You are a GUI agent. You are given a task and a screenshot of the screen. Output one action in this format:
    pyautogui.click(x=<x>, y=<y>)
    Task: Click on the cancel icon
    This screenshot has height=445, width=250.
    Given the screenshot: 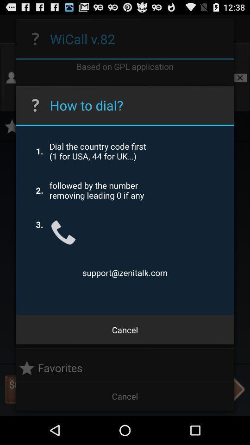 What is the action you would take?
    pyautogui.click(x=125, y=330)
    